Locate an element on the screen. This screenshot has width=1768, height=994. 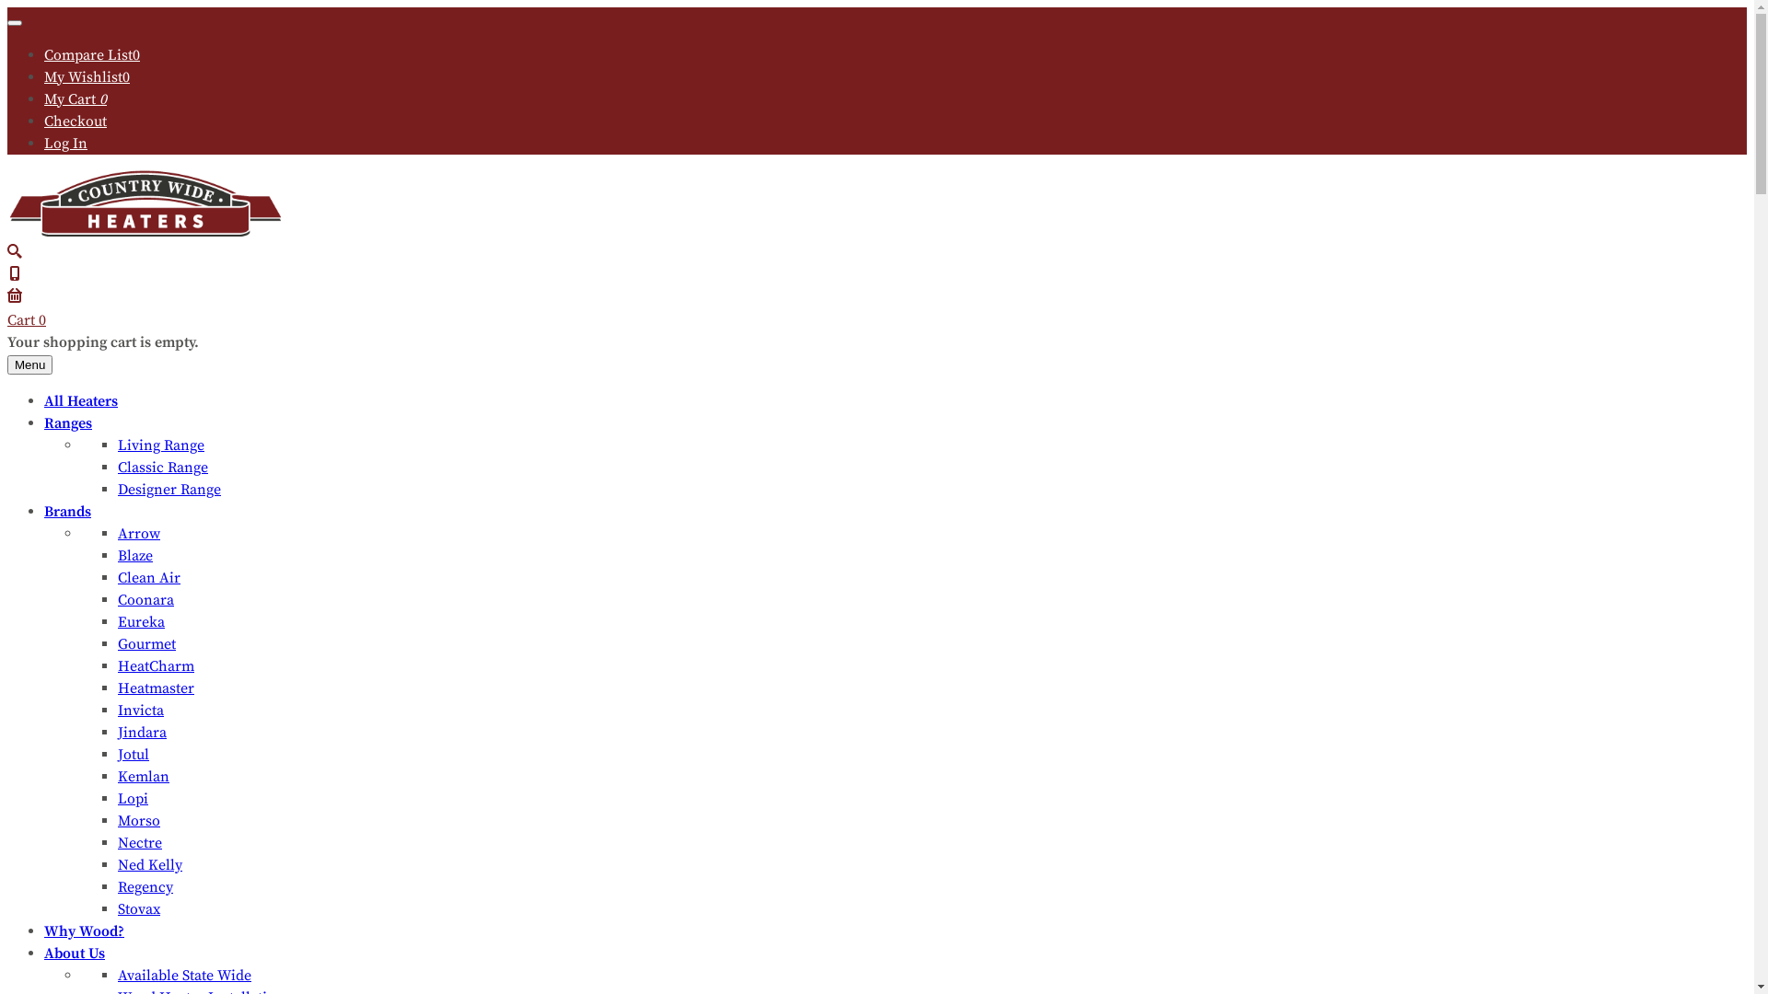
'Arrow' is located at coordinates (137, 533).